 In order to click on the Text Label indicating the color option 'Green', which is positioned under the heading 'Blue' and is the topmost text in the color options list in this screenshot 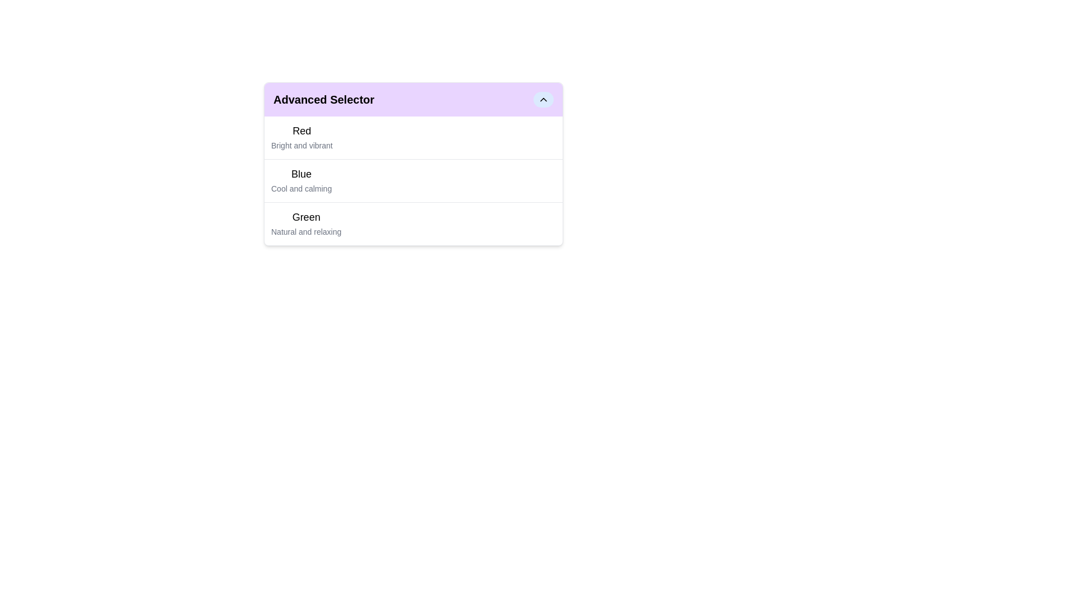, I will do `click(306, 217)`.